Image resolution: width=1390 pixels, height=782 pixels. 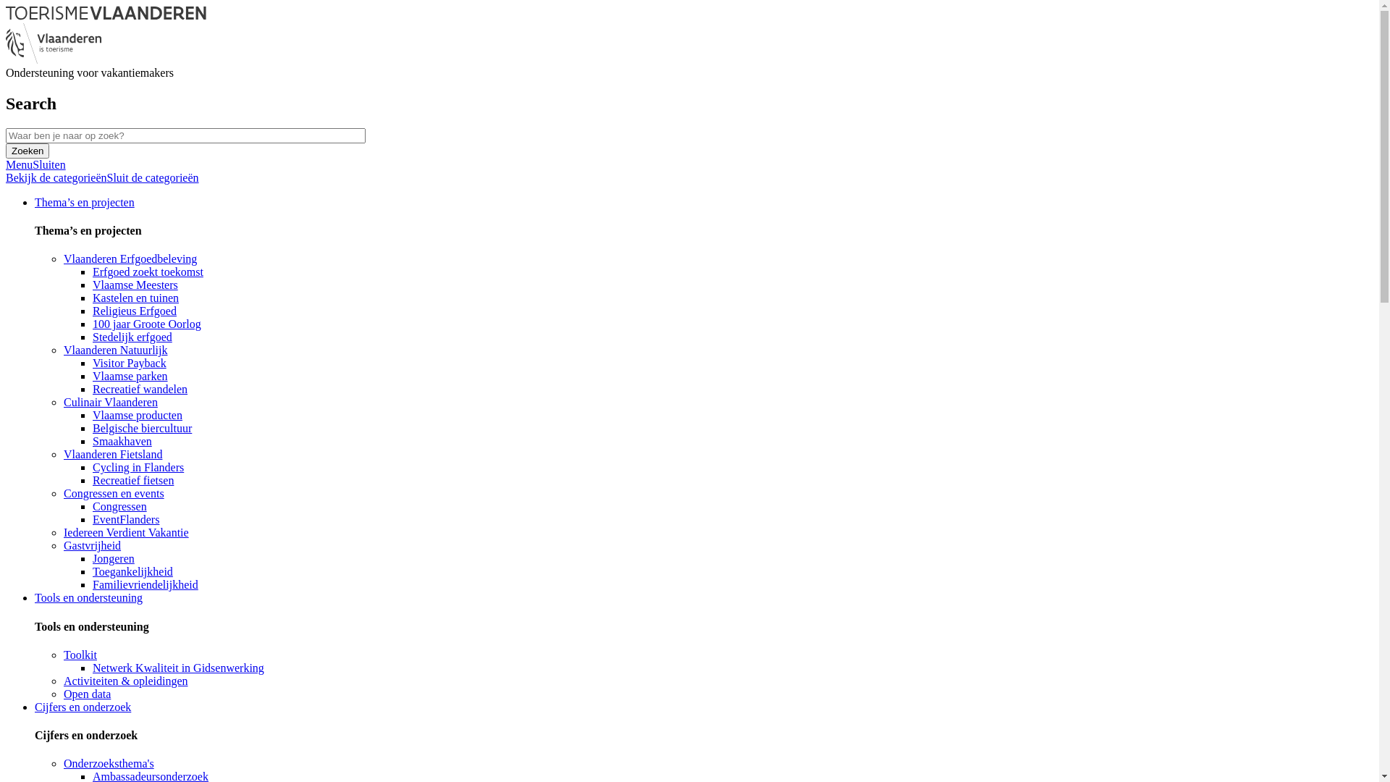 I want to click on '100 jaar Groote Oorlog', so click(x=146, y=323).